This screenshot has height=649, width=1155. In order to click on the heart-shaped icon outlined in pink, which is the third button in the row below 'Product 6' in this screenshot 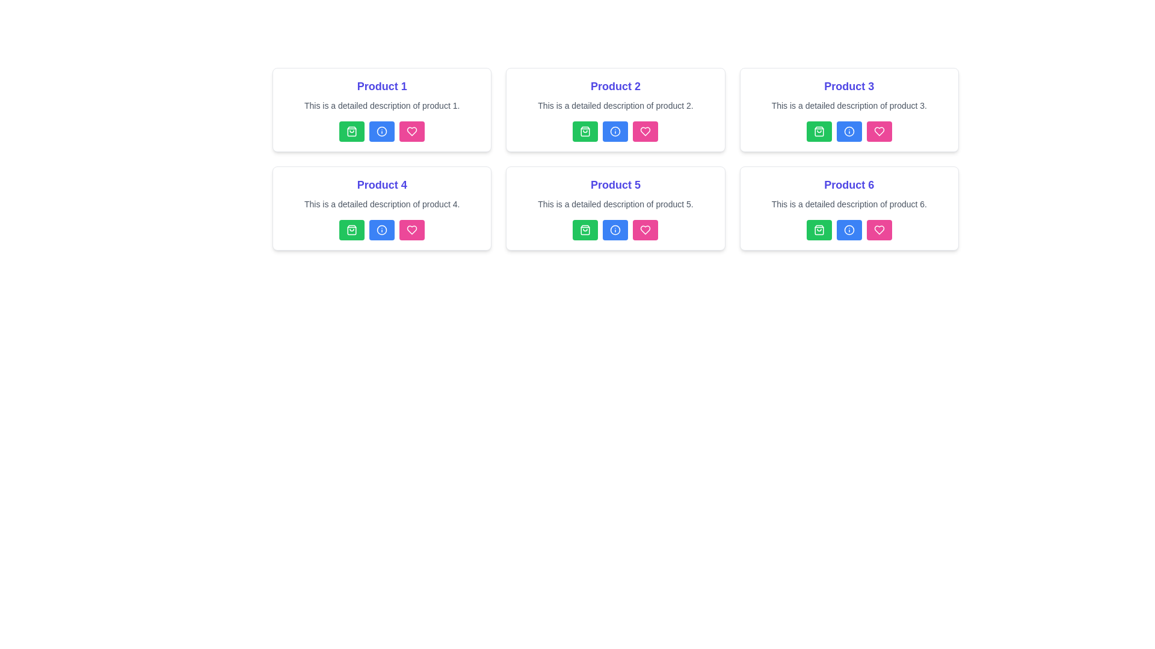, I will do `click(879, 230)`.